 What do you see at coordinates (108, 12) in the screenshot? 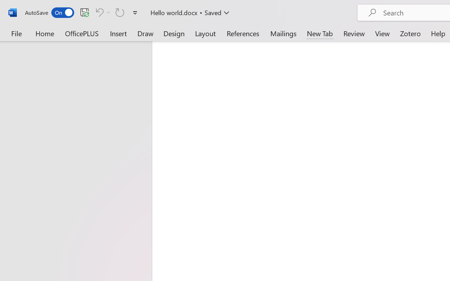
I see `'More Options'` at bounding box center [108, 12].